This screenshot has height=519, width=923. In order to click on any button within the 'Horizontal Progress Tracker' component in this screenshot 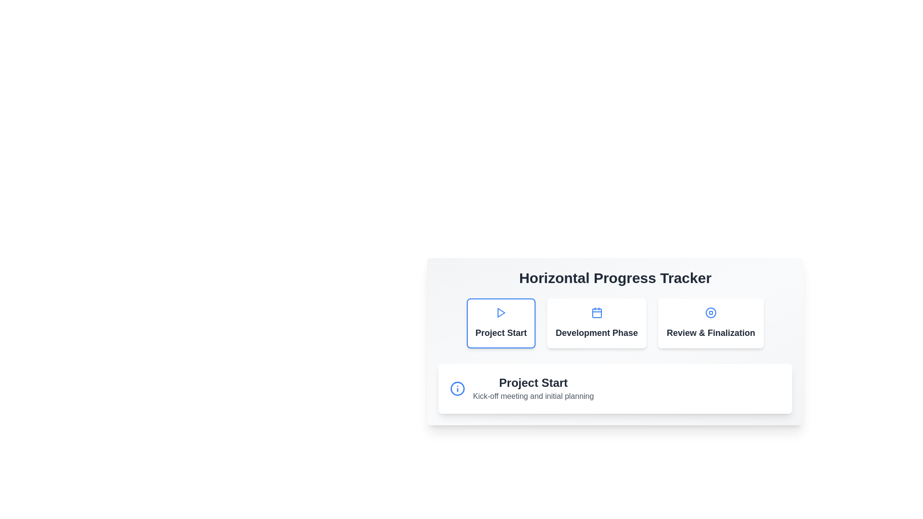, I will do `click(615, 357)`.